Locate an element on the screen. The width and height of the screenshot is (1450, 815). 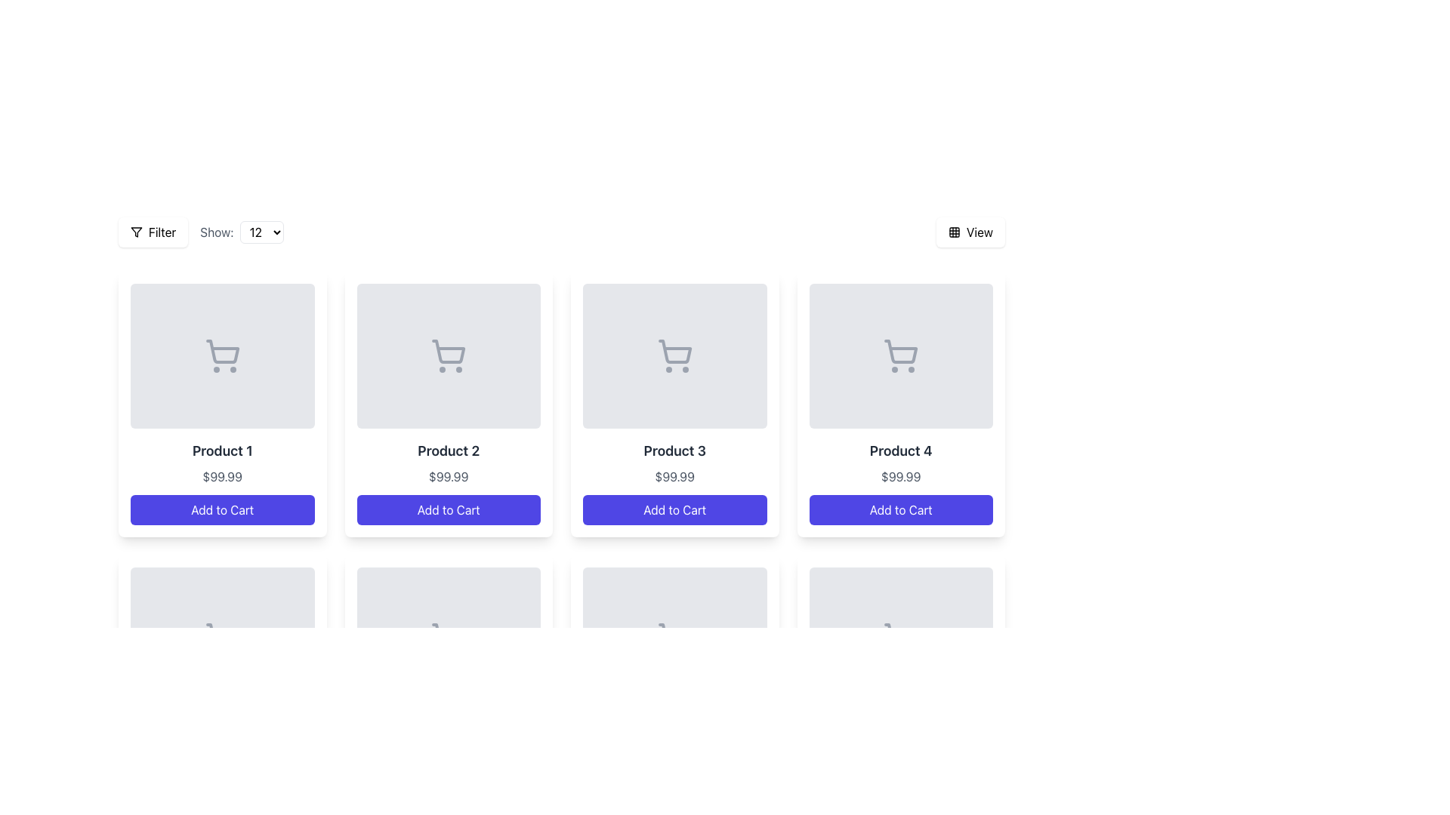
the price display text label reading '$99.99' located under 'Product 2' in the second product card is located at coordinates (448, 477).